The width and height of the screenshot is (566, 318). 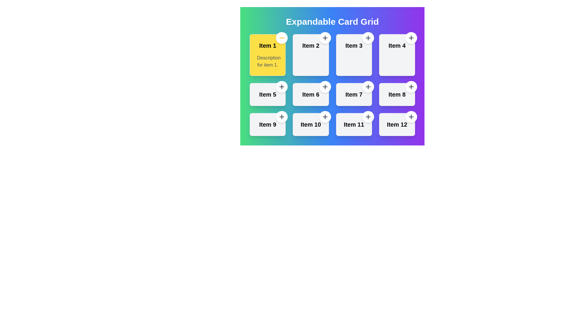 What do you see at coordinates (411, 38) in the screenshot?
I see `the action button located at the top-right edge of the card labeled 'Item 4'` at bounding box center [411, 38].